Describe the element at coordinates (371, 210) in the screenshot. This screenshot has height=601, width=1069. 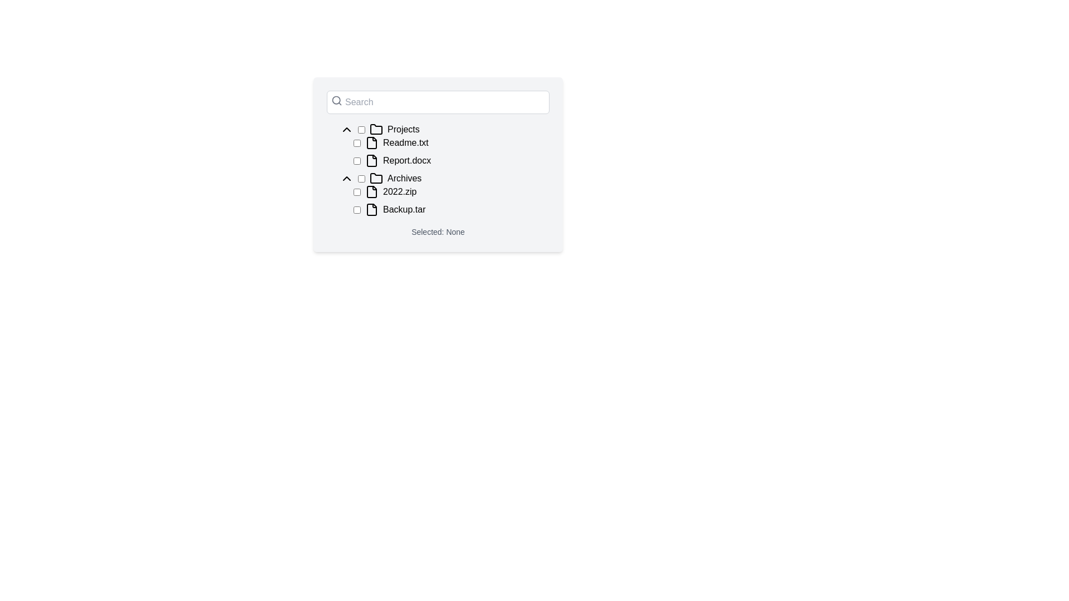
I see `the graphical file icon representing 'Backup.tar' in the file tree UI` at that location.